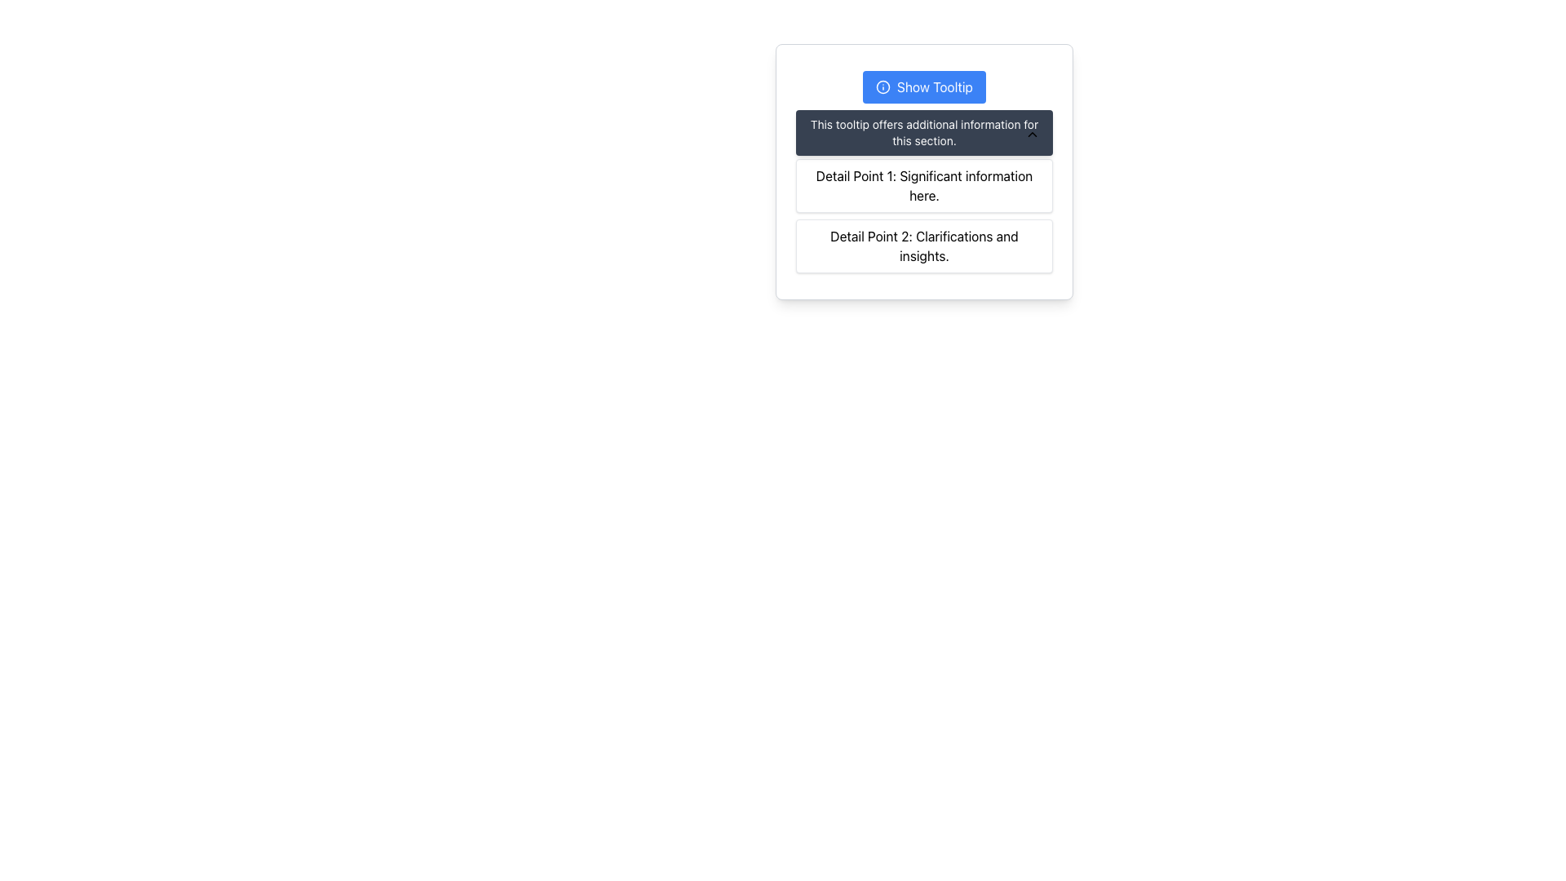 This screenshot has width=1566, height=881. I want to click on the text box containing 'Detail Point 2: Clarifications and insights.' by clicking on it to perform any associated action, so click(924, 246).